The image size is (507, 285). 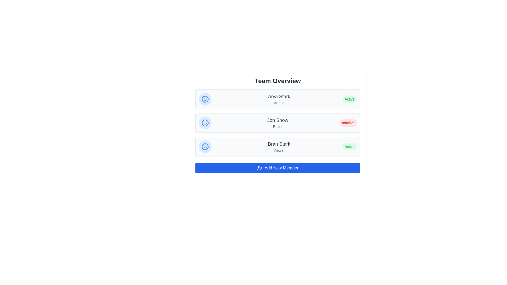 What do you see at coordinates (205, 99) in the screenshot?
I see `the profile icon representing 'Arya Stark' in the 'Team Overview' section to interact with her profile` at bounding box center [205, 99].